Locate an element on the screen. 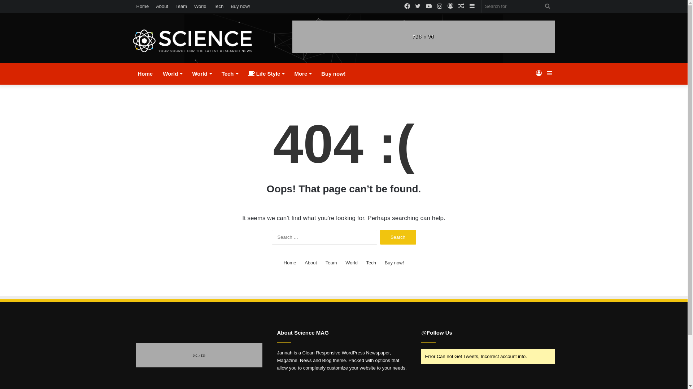  'Instagram' is located at coordinates (439, 6).